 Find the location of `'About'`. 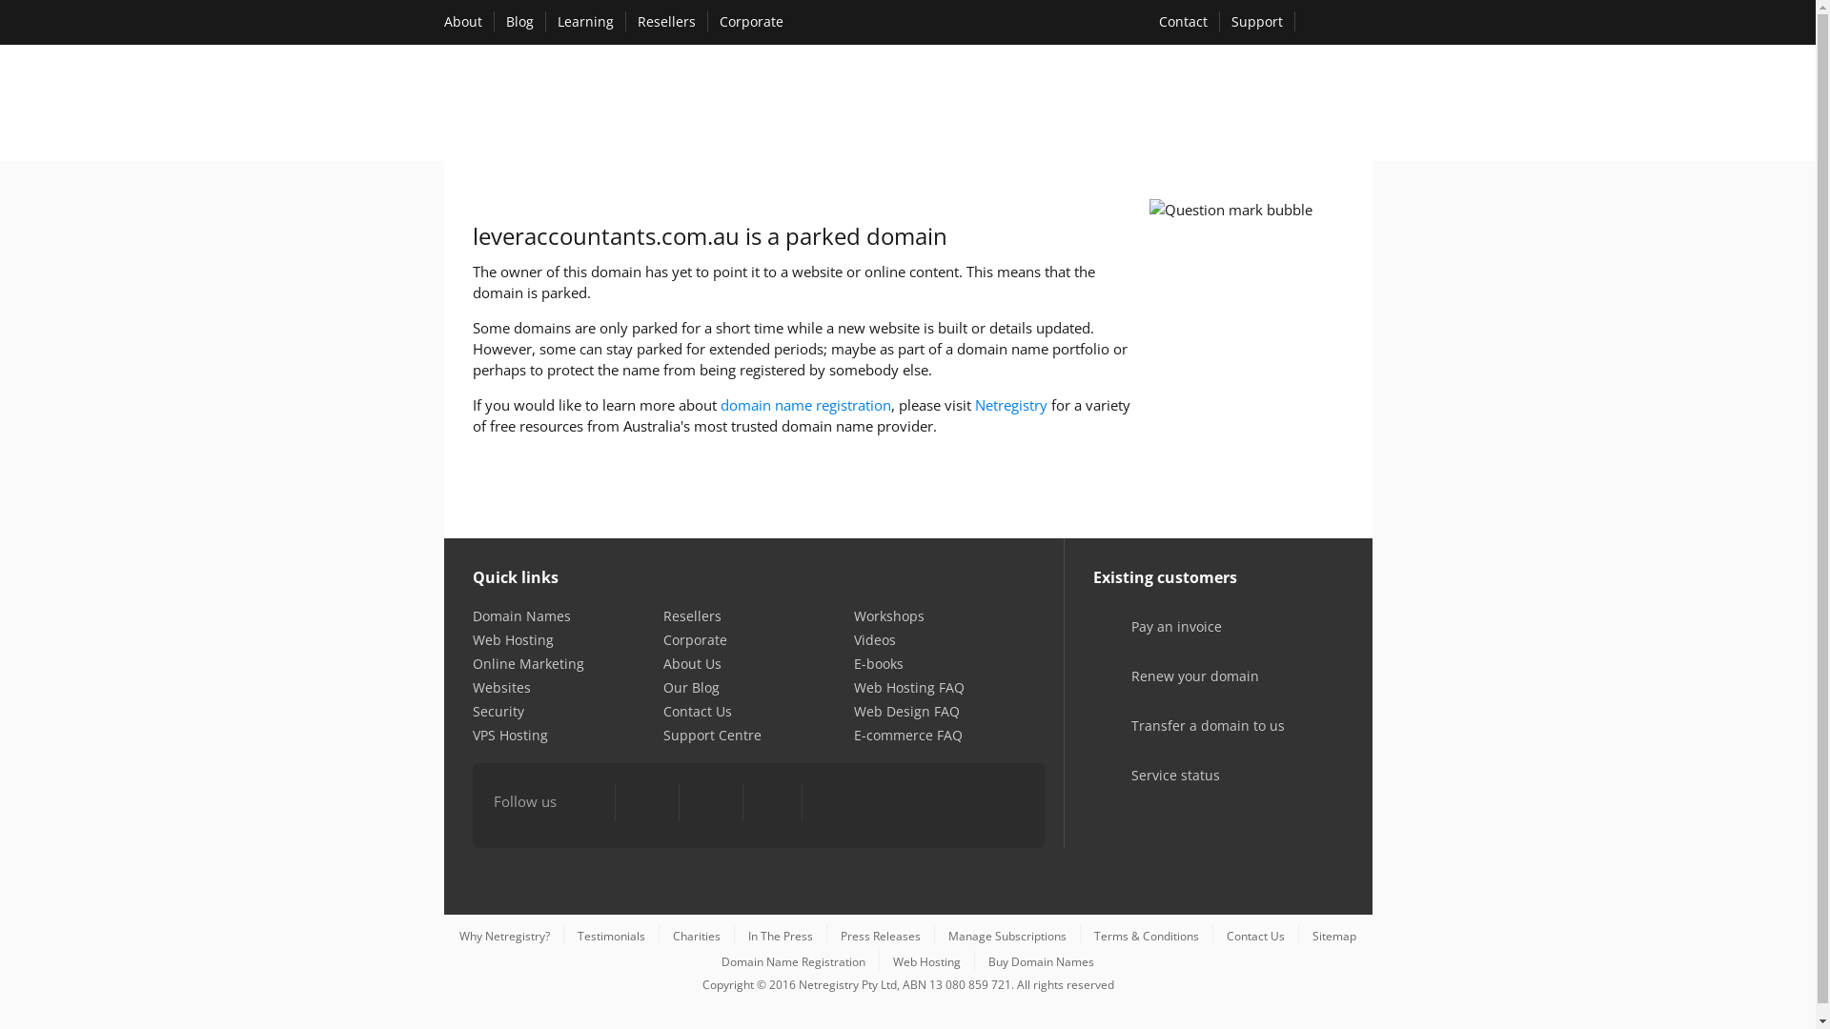

'About' is located at coordinates (462, 21).